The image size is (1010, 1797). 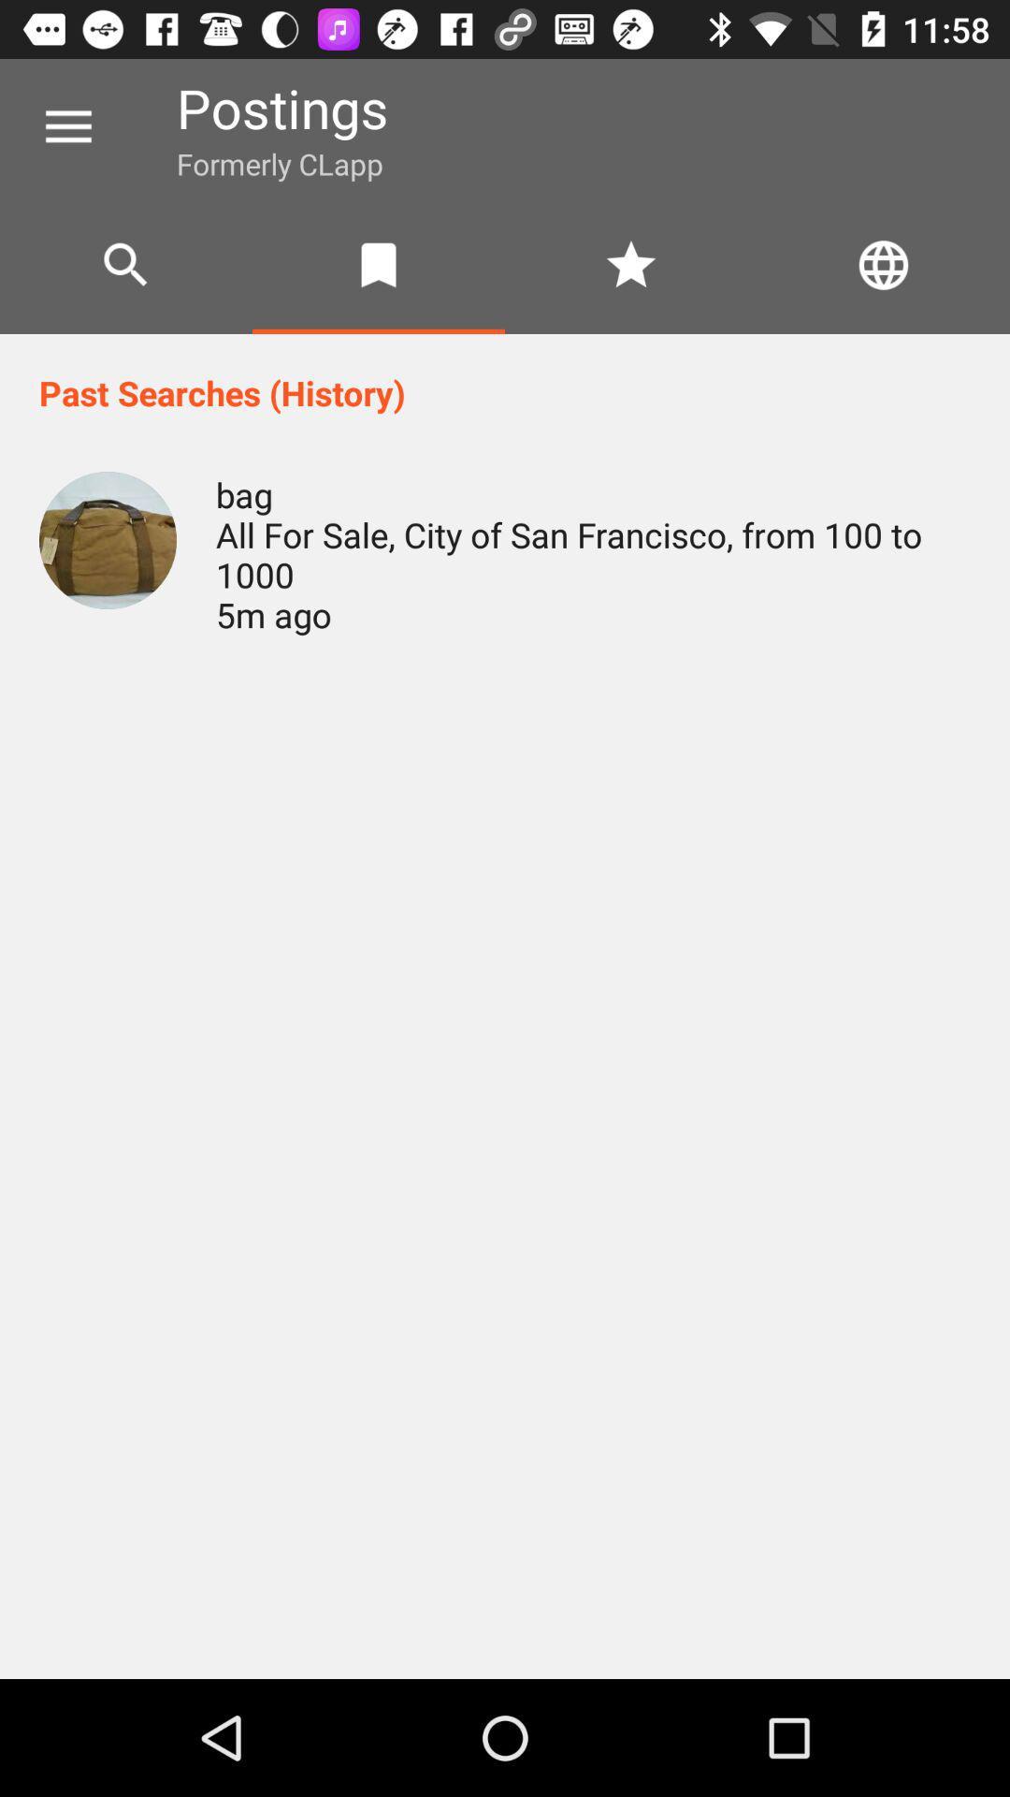 I want to click on product photo, so click(x=108, y=539).